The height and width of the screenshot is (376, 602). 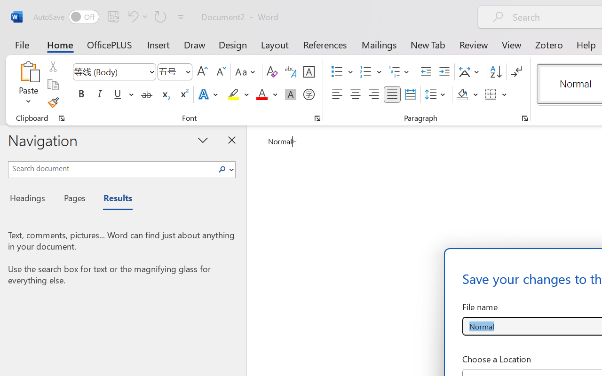 What do you see at coordinates (400, 72) in the screenshot?
I see `'Multilevel List'` at bounding box center [400, 72].